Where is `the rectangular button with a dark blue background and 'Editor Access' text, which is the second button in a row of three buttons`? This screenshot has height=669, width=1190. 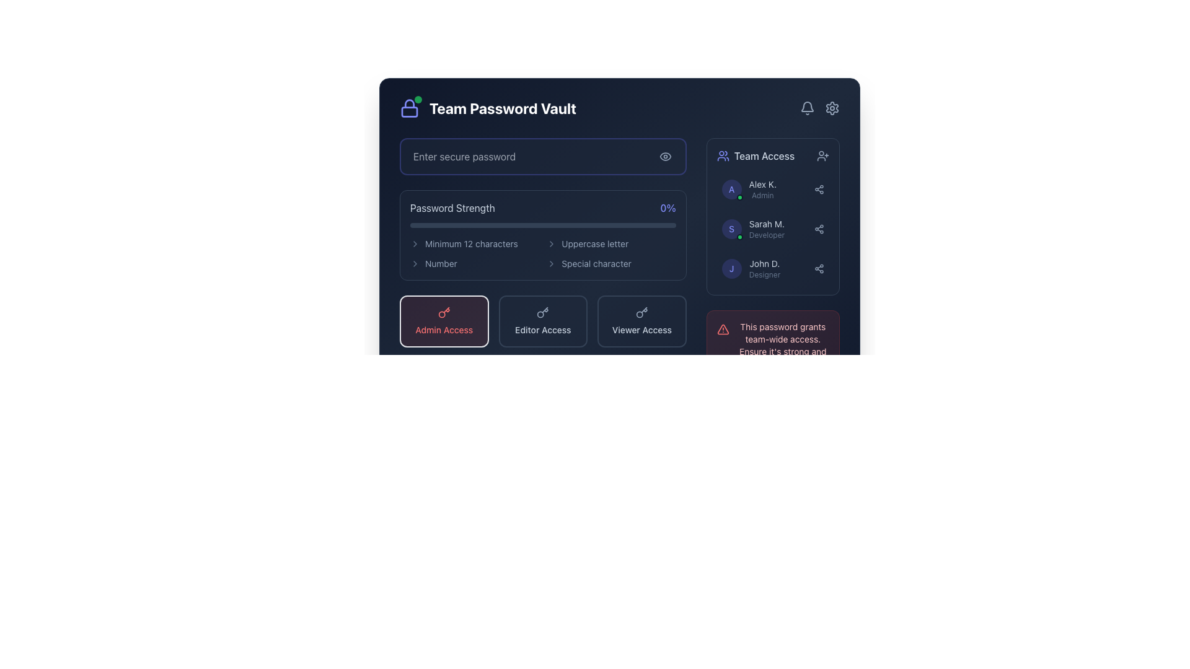 the rectangular button with a dark blue background and 'Editor Access' text, which is the second button in a row of three buttons is located at coordinates (543, 321).